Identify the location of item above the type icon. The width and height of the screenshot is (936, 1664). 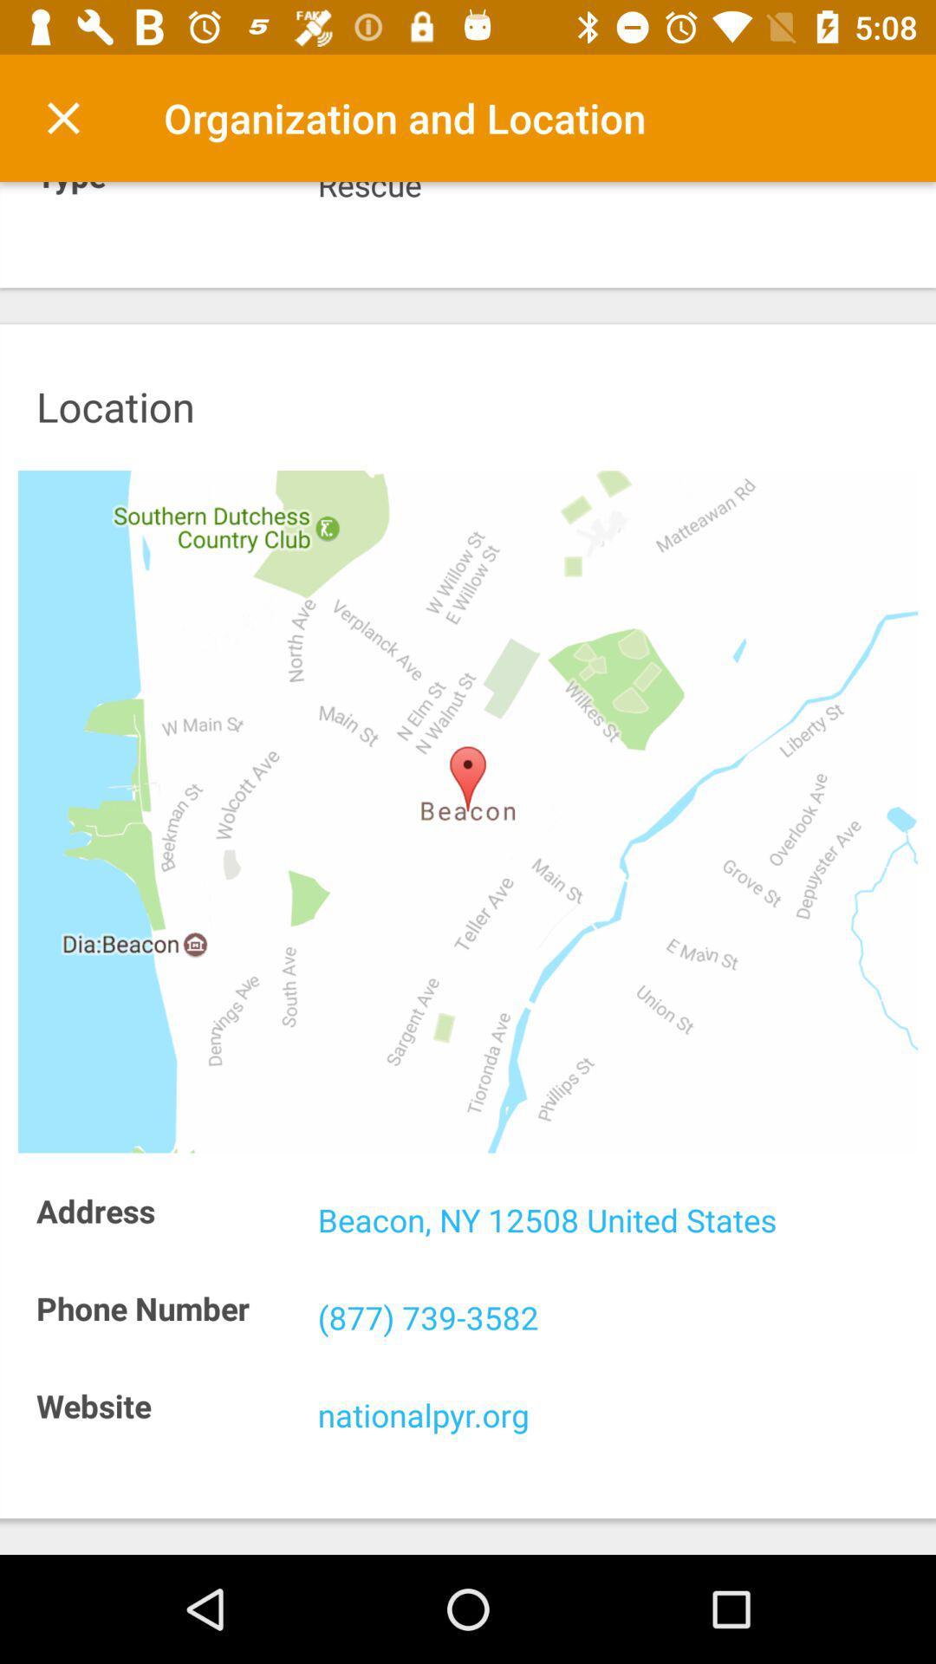
(62, 117).